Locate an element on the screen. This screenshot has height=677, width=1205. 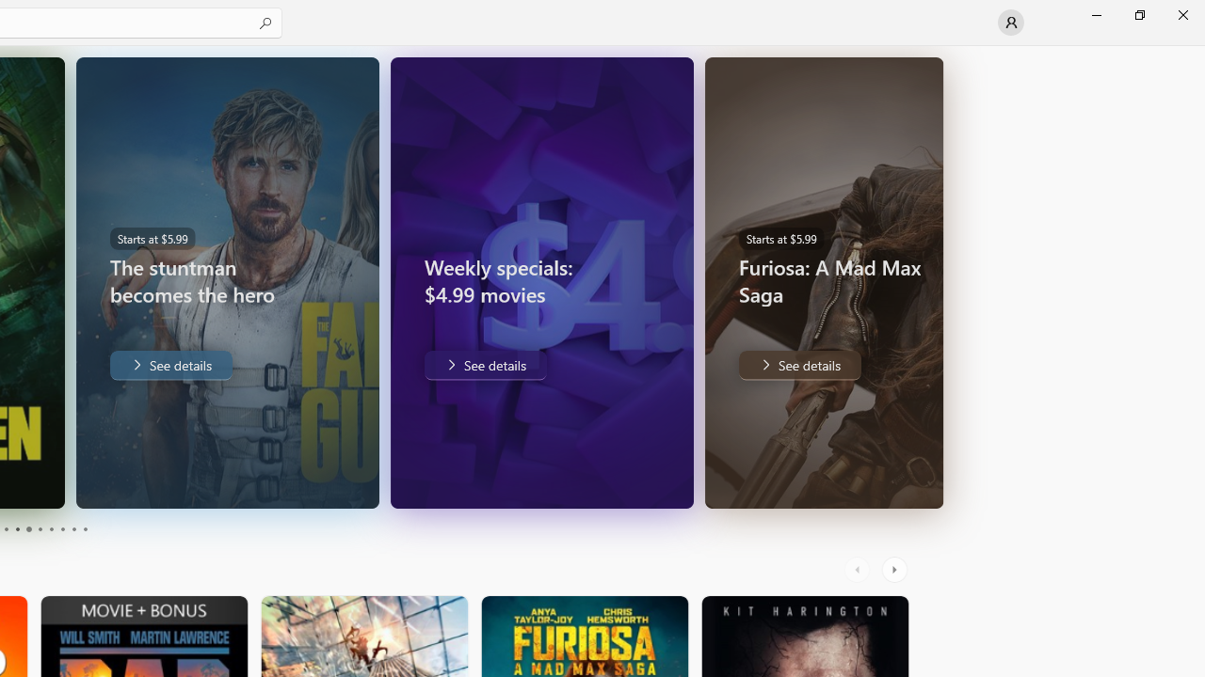
'Minimize Microsoft Store' is located at coordinates (1096, 14).